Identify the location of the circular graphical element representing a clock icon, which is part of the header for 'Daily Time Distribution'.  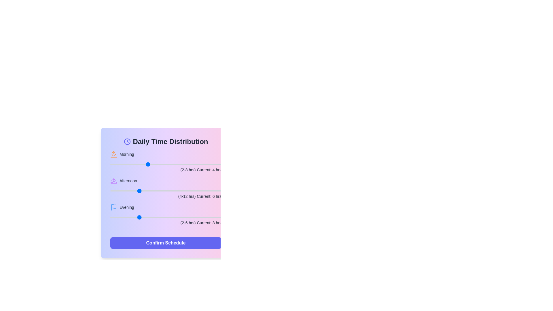
(127, 142).